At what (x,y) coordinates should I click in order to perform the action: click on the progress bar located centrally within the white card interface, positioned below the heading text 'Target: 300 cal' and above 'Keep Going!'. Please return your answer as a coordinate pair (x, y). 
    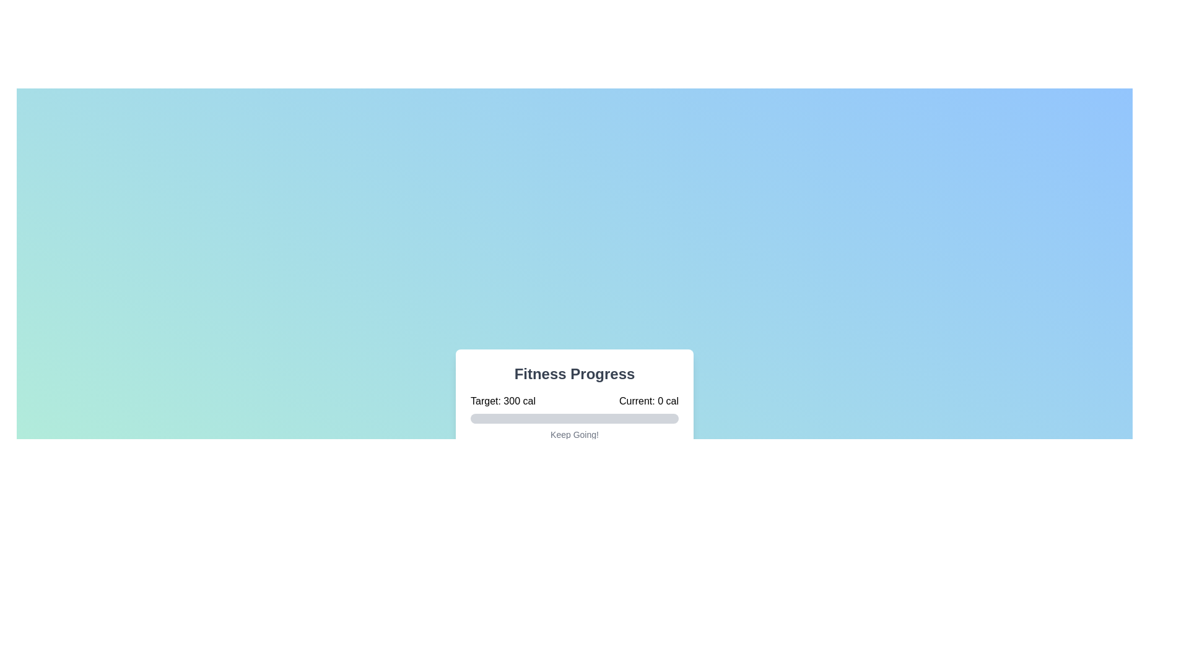
    Looking at the image, I should click on (573, 418).